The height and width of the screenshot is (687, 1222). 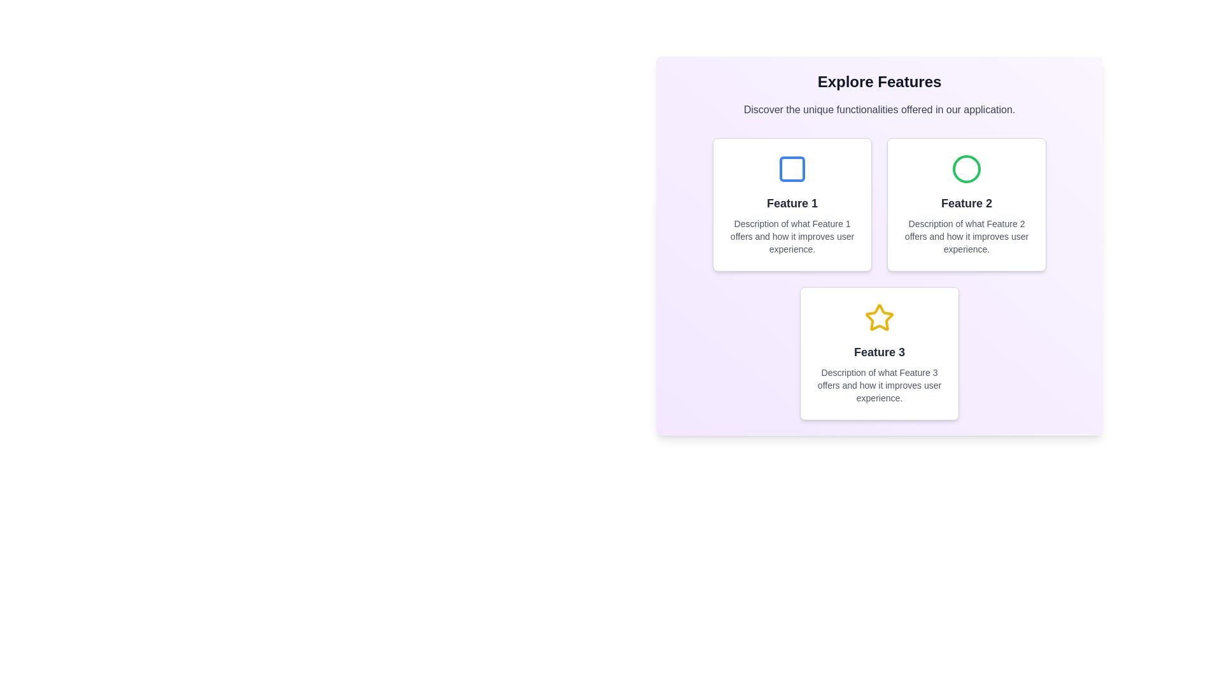 I want to click on description text block that details 'Description of what Feature 1 offers and how it improves user experience.' located below the header 'Feature 1' in the feature description card, so click(x=791, y=236).